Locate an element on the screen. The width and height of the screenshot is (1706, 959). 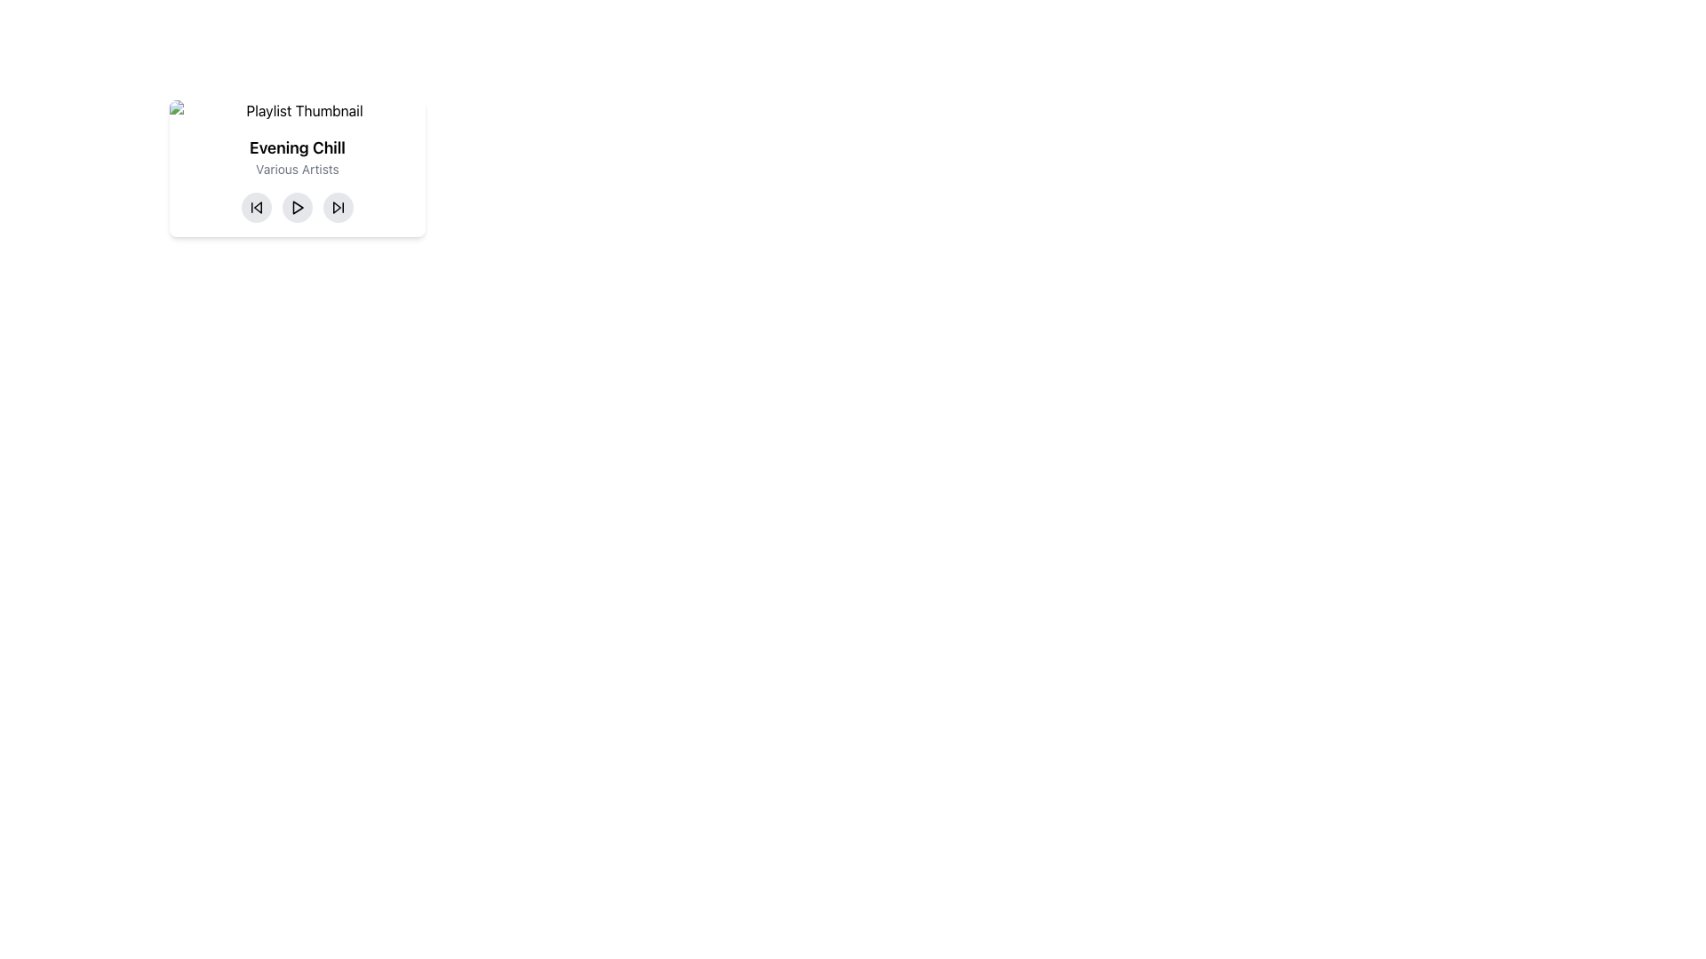
the rightmost button under the text 'Evening Chill' to skip to the next media track in the playlist is located at coordinates (338, 207).